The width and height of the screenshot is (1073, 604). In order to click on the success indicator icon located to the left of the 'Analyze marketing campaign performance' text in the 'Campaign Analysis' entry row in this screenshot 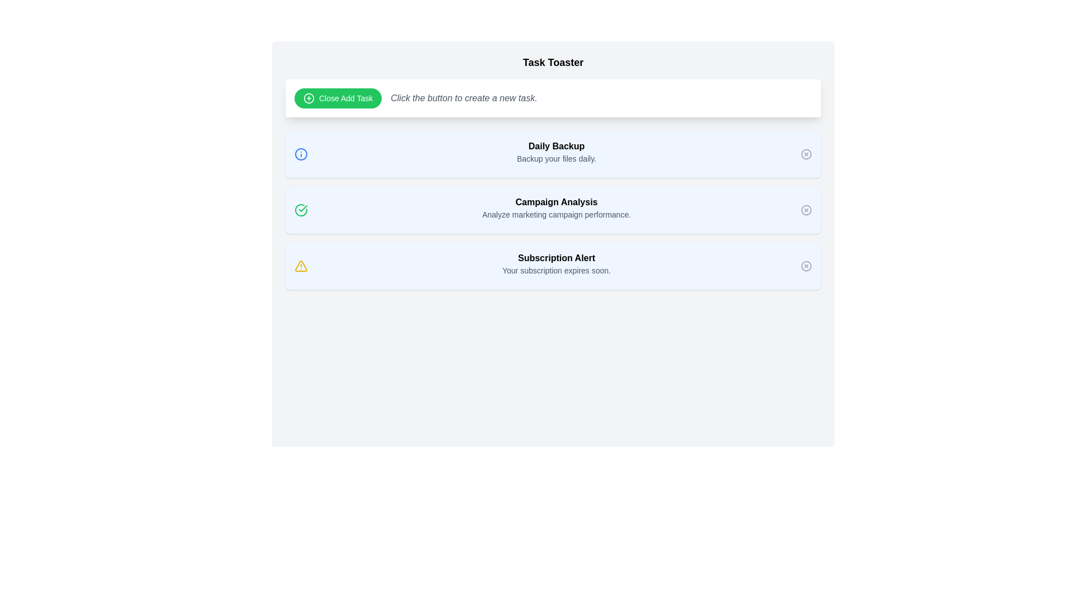, I will do `click(303, 209)`.